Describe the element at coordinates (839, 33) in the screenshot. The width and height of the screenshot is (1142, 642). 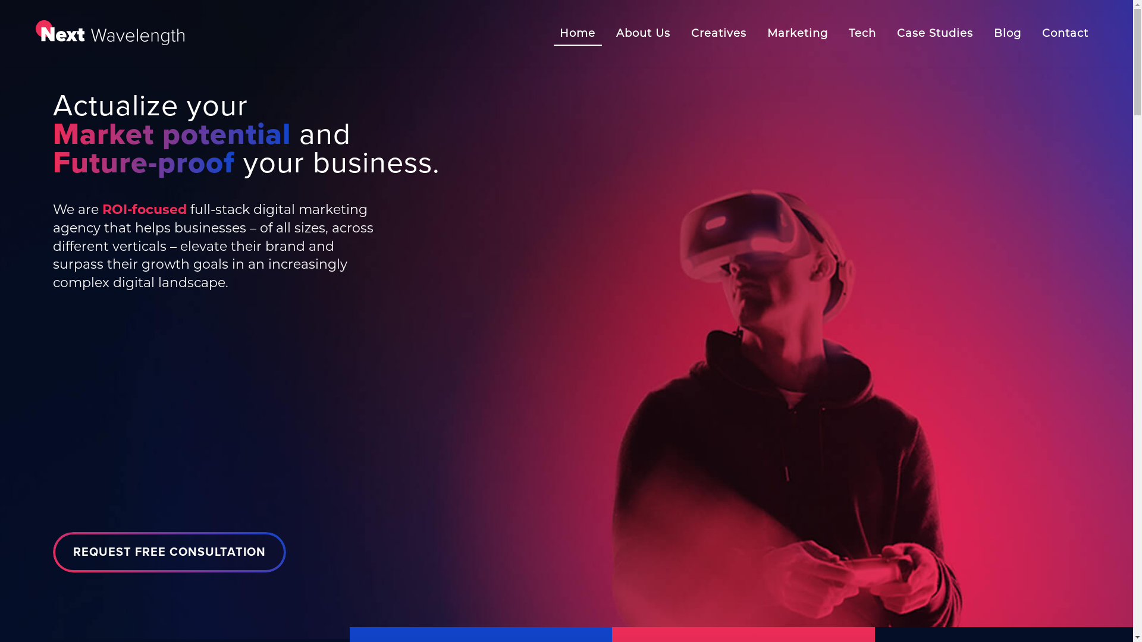
I see `'Tech'` at that location.